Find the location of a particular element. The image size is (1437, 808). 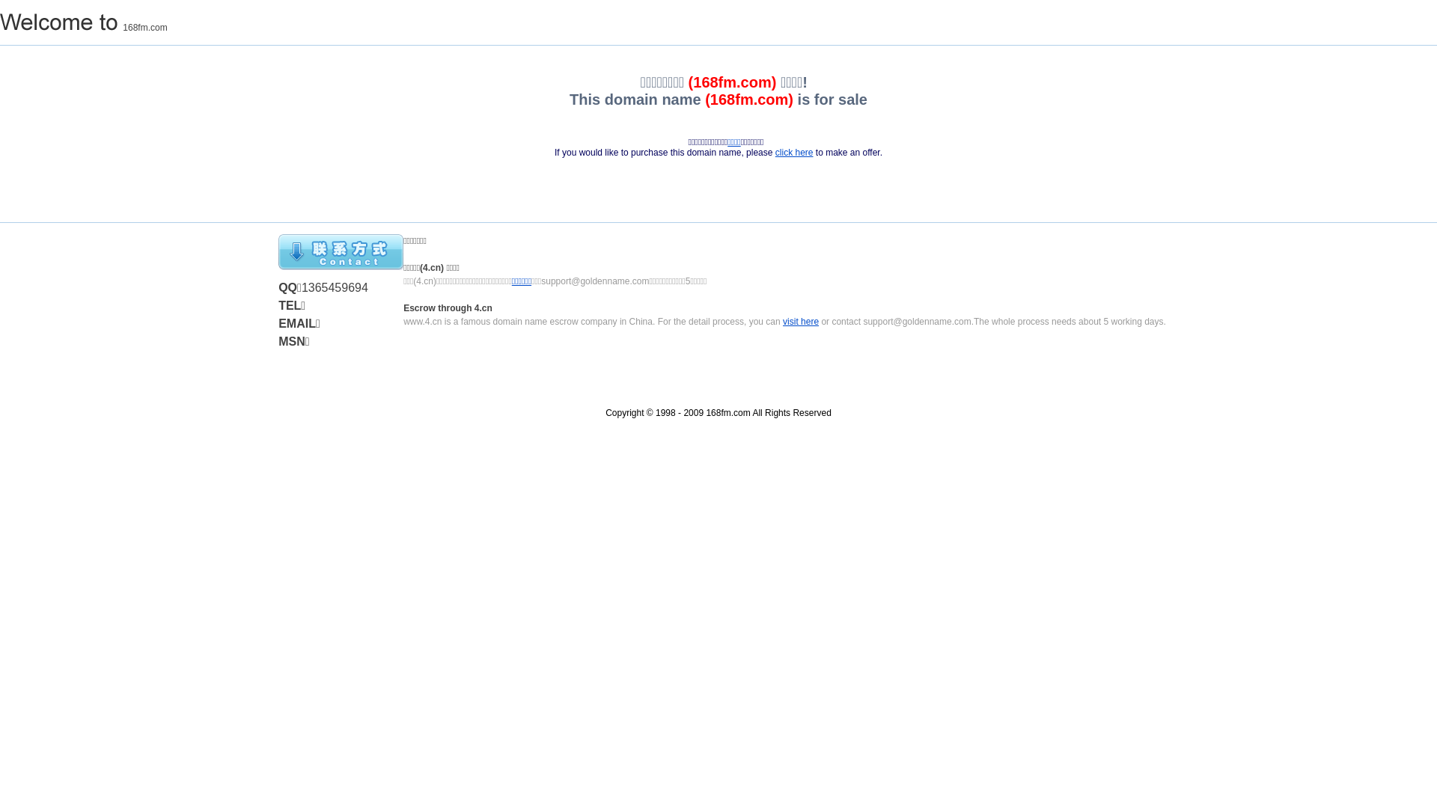

'click here' is located at coordinates (793, 153).